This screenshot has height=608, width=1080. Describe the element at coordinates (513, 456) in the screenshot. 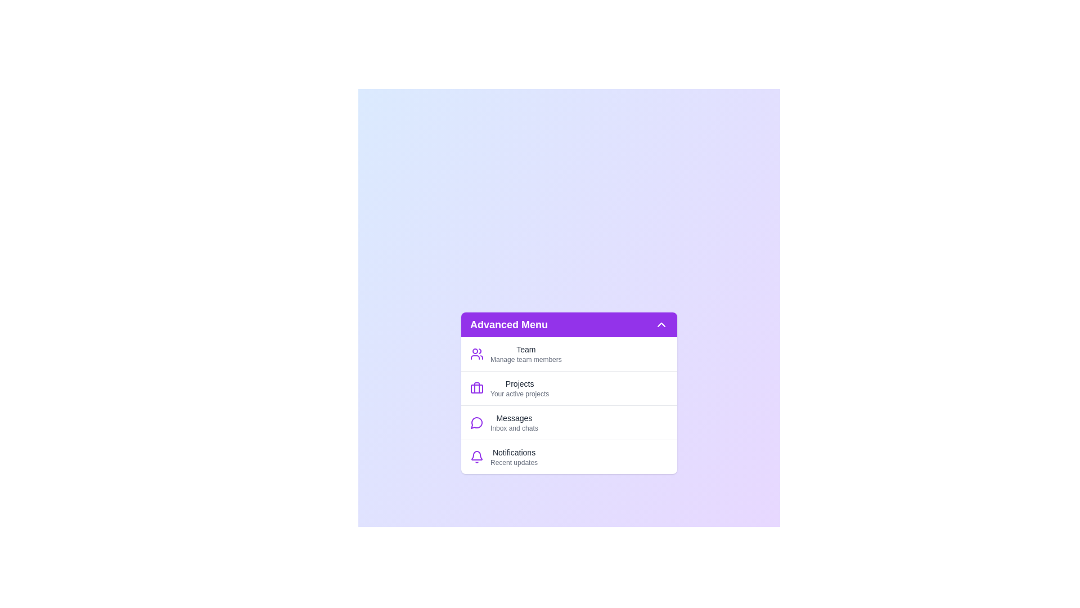

I see `the text of a menu item identified by its label Notifications` at that location.